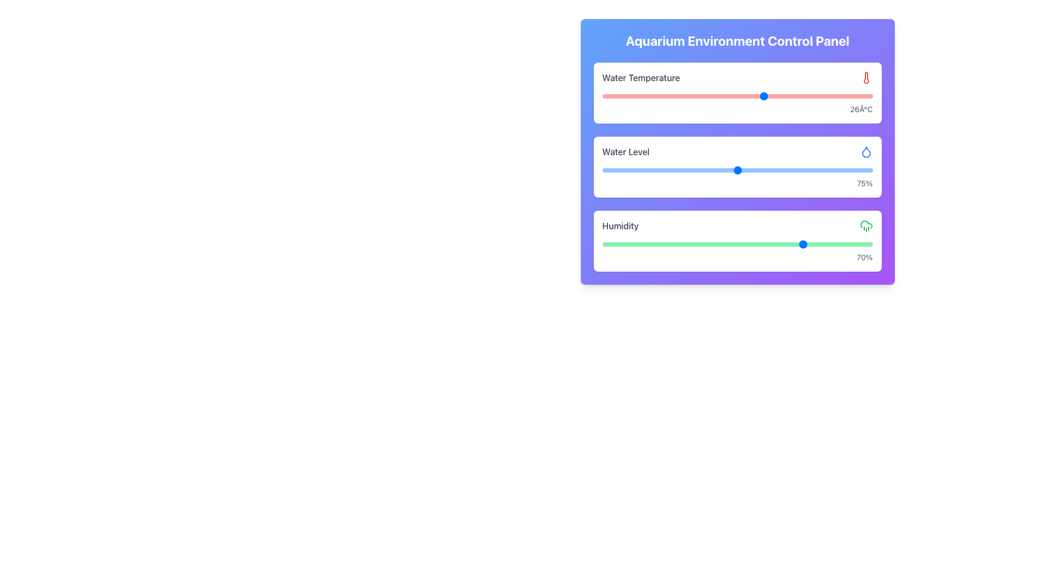  What do you see at coordinates (696, 243) in the screenshot?
I see `the humidity` at bounding box center [696, 243].